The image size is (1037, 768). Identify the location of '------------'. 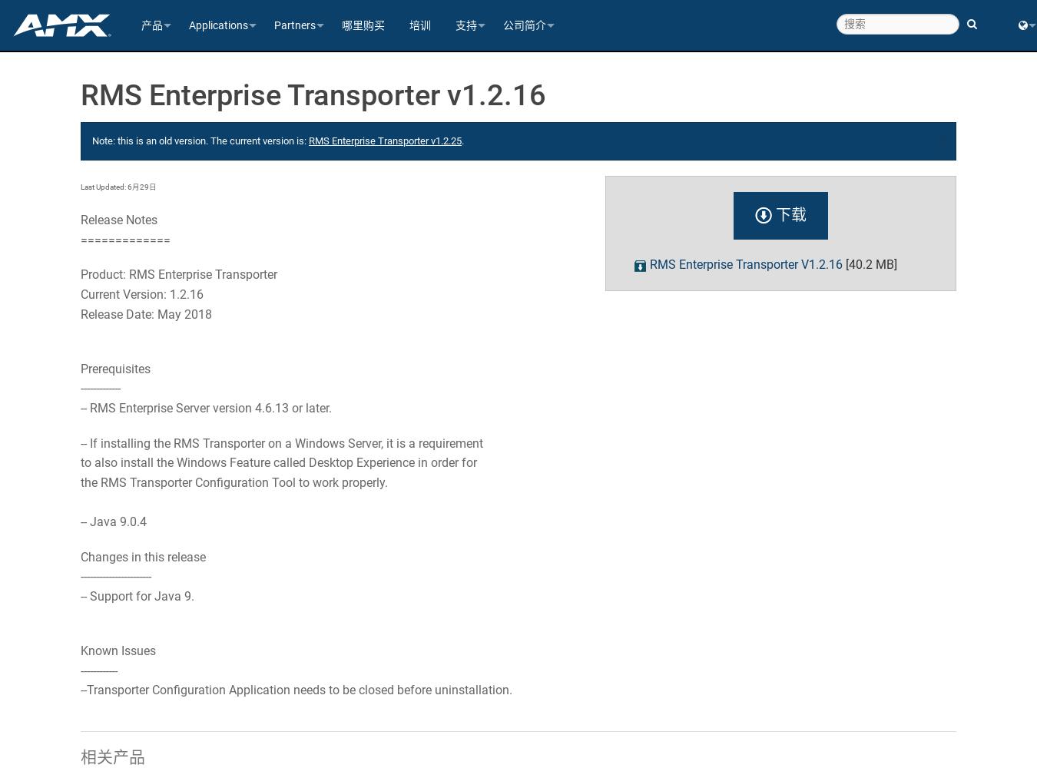
(80, 669).